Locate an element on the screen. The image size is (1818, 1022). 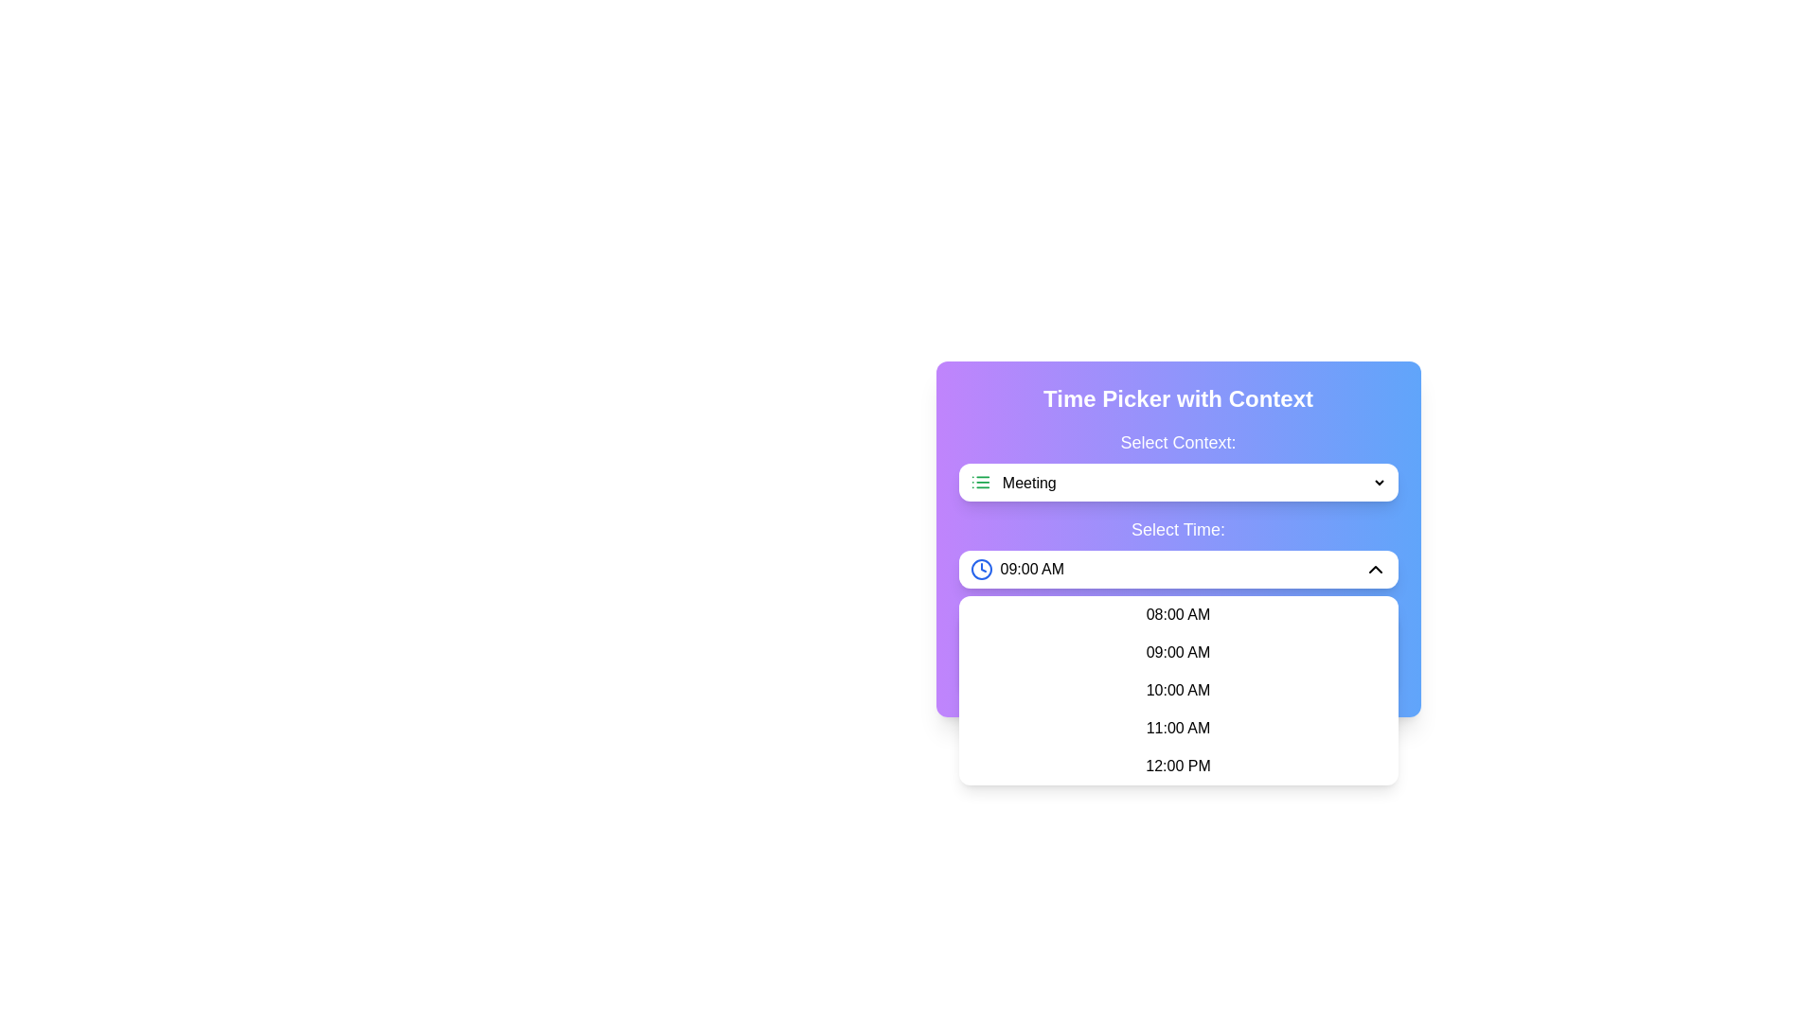
the static text label displaying 'Select Time:' which is styled with white bold text on a gradient blue to violet background, located in the upper section of the interface above the time selection field is located at coordinates (1177, 529).